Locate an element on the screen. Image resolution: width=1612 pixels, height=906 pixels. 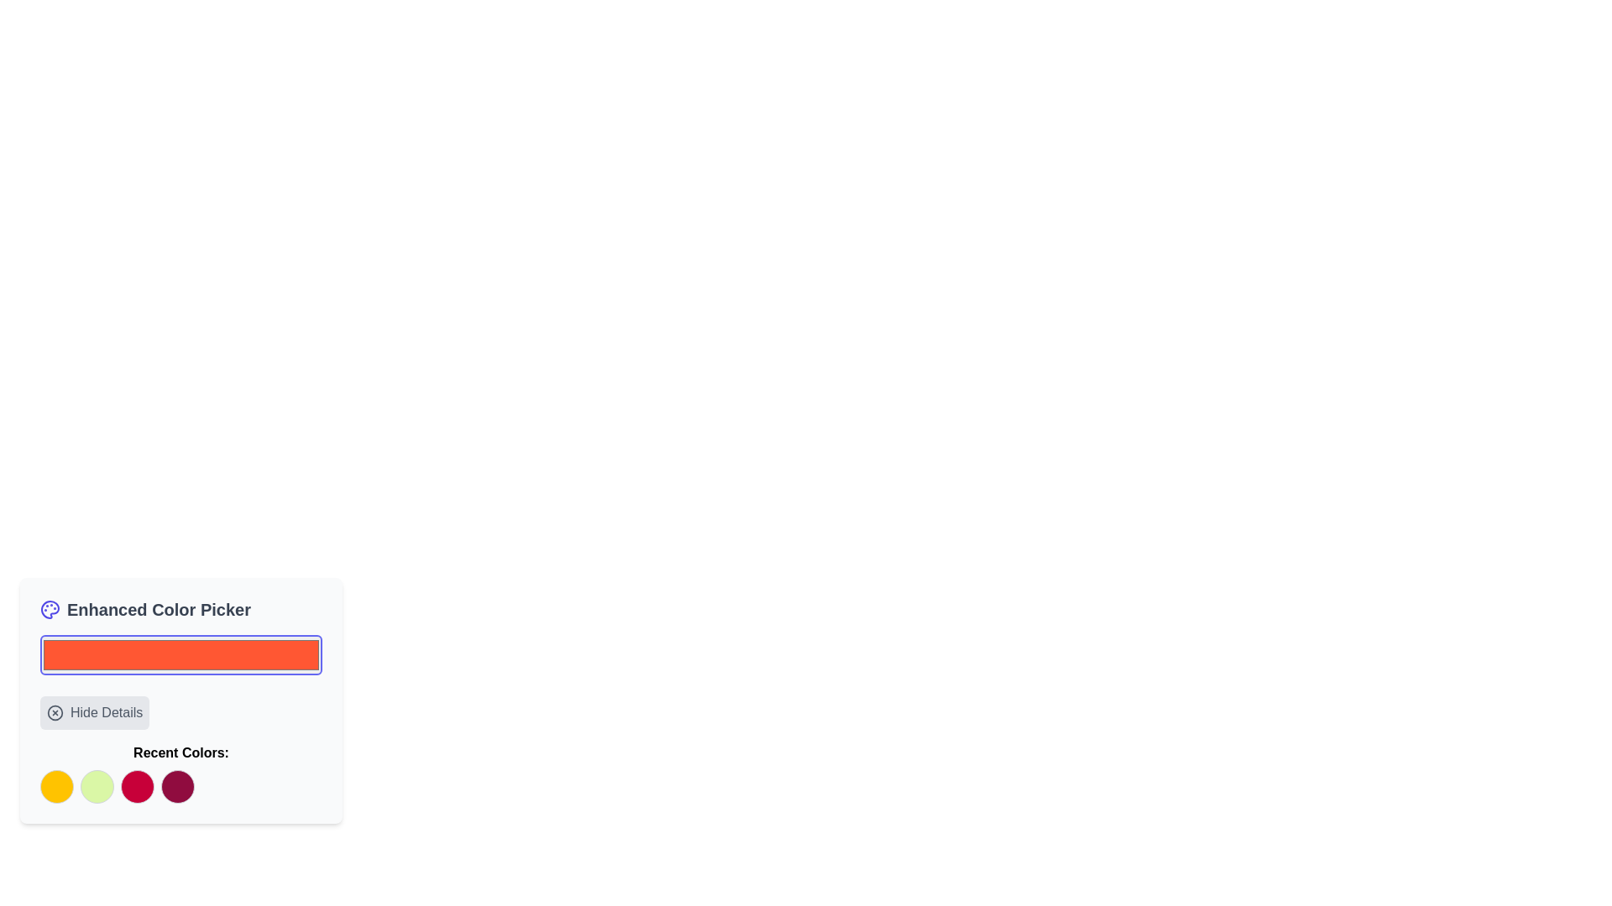
the label that indicates the purpose of the adjacent color swatches, located below the 'Hide Details' button and above the row of four colored circles is located at coordinates (181, 773).